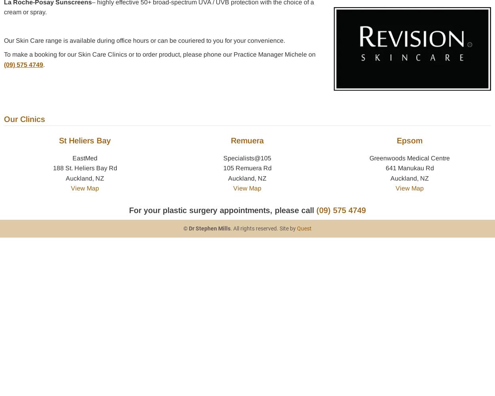 This screenshot has width=495, height=396. Describe the element at coordinates (84, 168) in the screenshot. I see `'188 St. Heliers Bay Rd'` at that location.